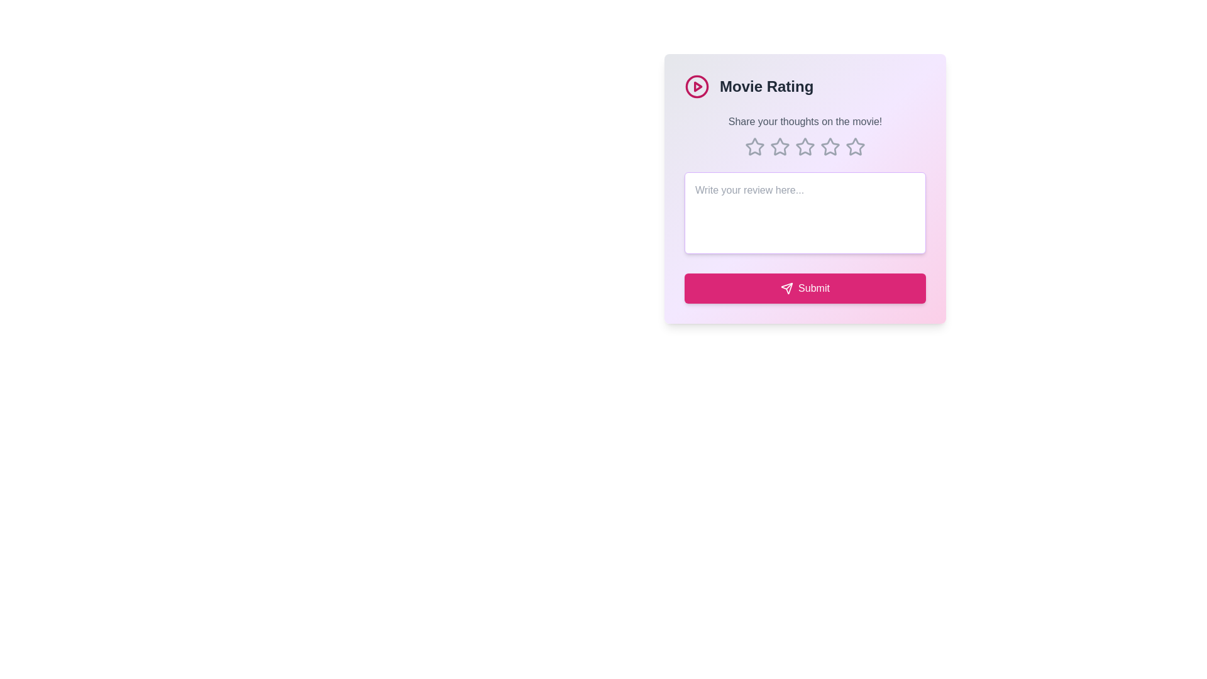 Image resolution: width=1207 pixels, height=679 pixels. What do you see at coordinates (766, 86) in the screenshot?
I see `the text content of the 'Movie Rating' label displayed in a semibold font in the header section, adjacent to the pink play icon` at bounding box center [766, 86].